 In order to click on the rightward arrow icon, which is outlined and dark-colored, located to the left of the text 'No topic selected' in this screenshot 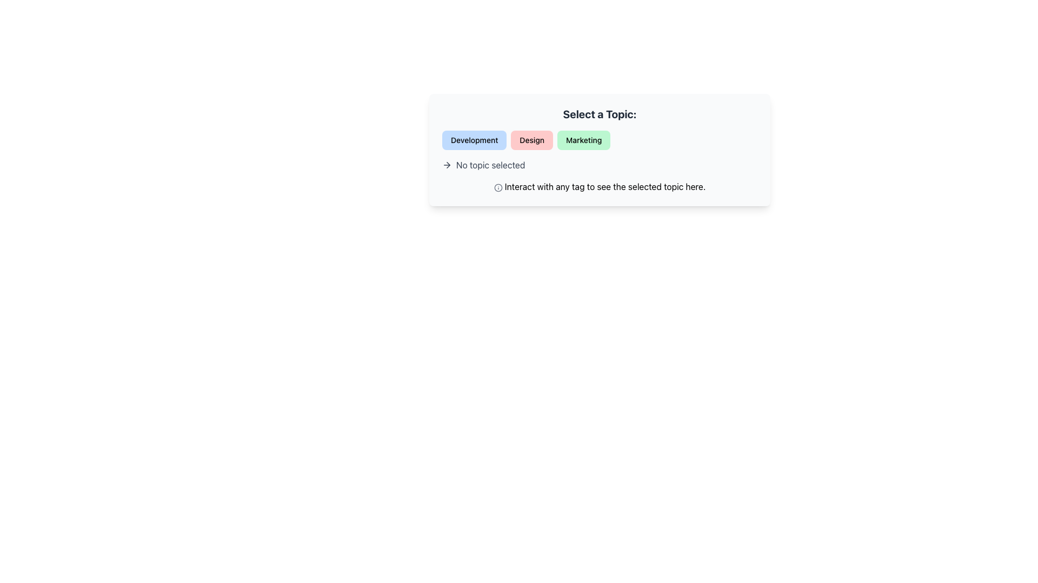, I will do `click(447, 165)`.